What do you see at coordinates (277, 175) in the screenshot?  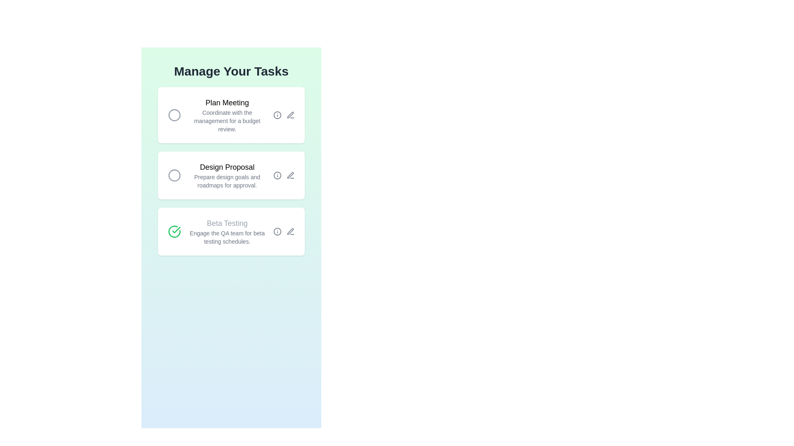 I see `the 'More information' icon for the task 'Design Proposal'` at bounding box center [277, 175].